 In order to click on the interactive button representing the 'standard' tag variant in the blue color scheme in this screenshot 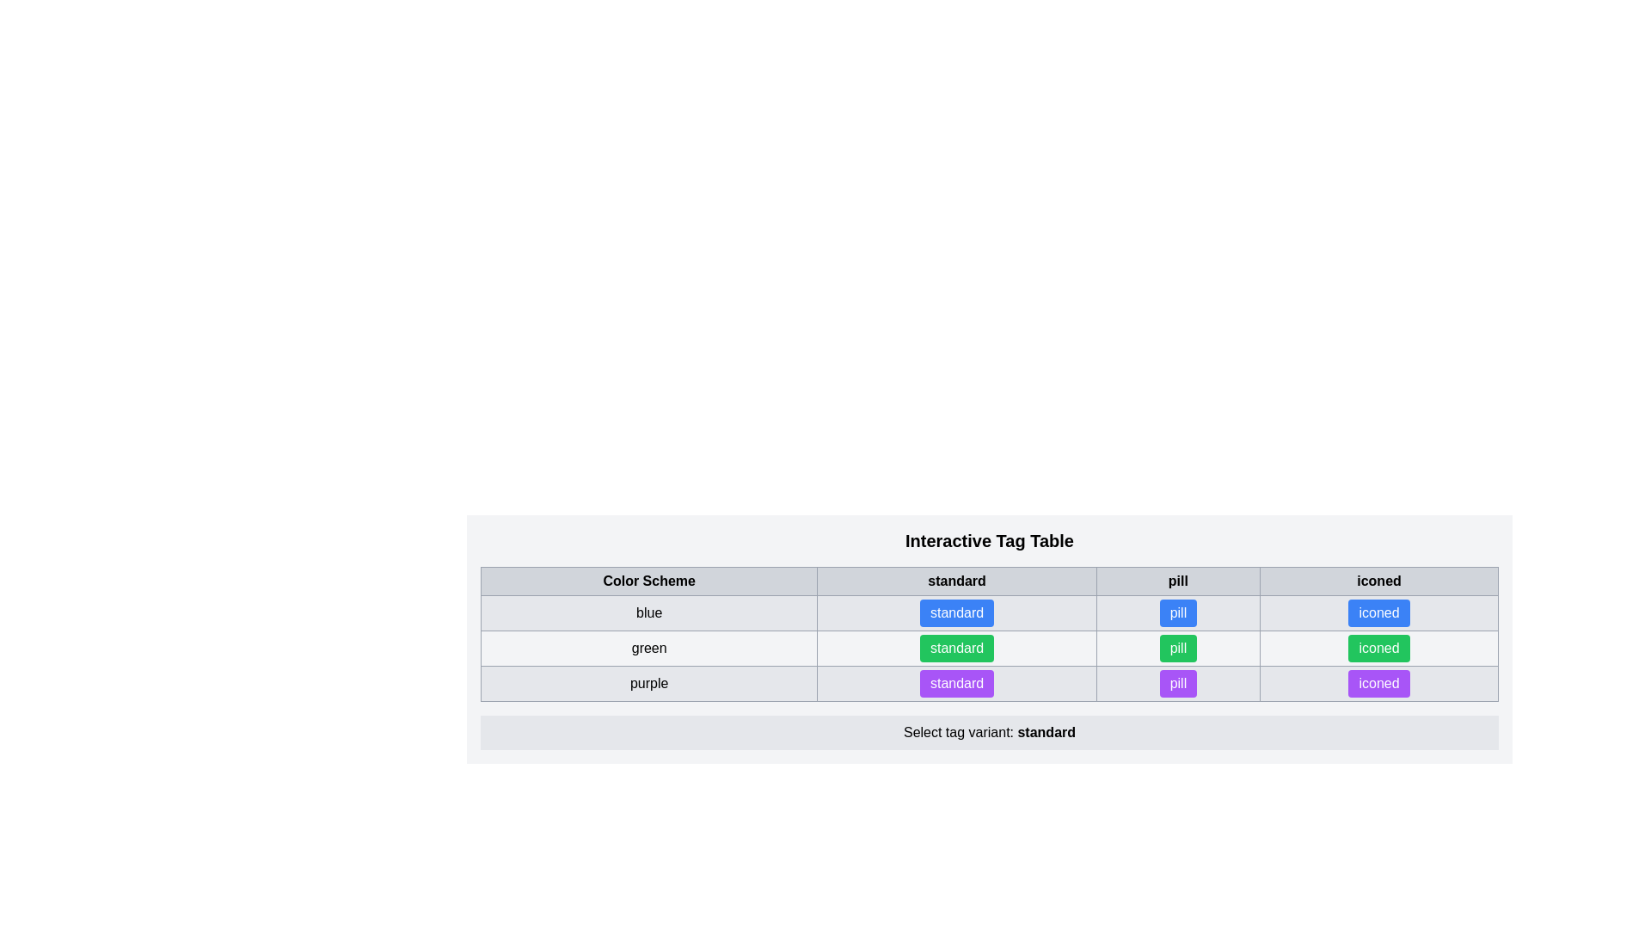, I will do `click(956, 612)`.